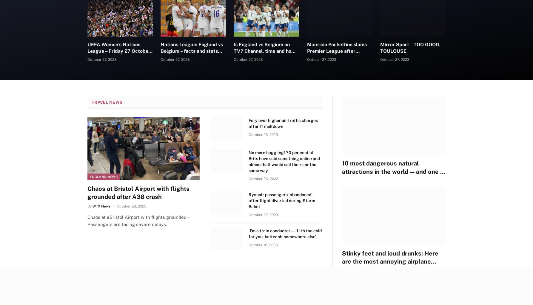 The image size is (533, 305). What do you see at coordinates (104, 176) in the screenshot?
I see `'England news'` at bounding box center [104, 176].